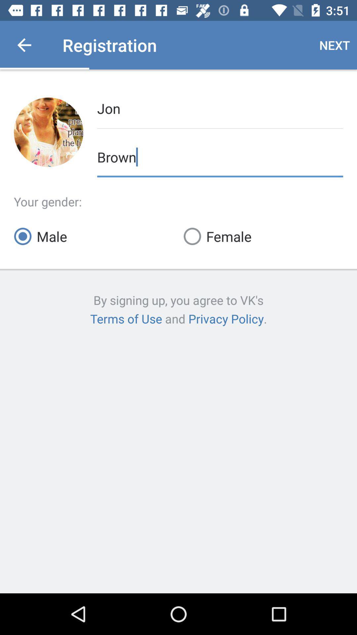 The image size is (357, 635). Describe the element at coordinates (335, 45) in the screenshot. I see `the next icon` at that location.